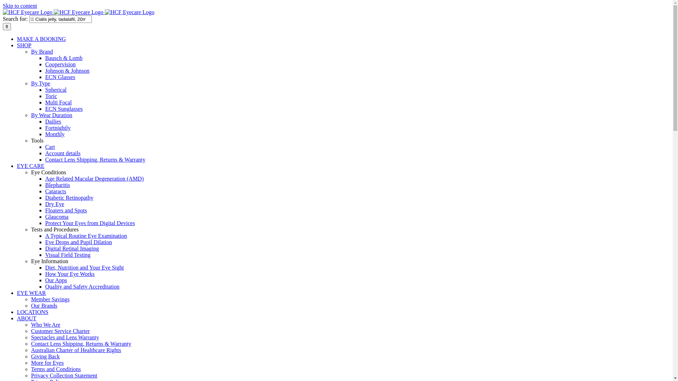 The image size is (678, 381). I want to click on 'Age Related Macular Degeneration (AMD)', so click(94, 178).